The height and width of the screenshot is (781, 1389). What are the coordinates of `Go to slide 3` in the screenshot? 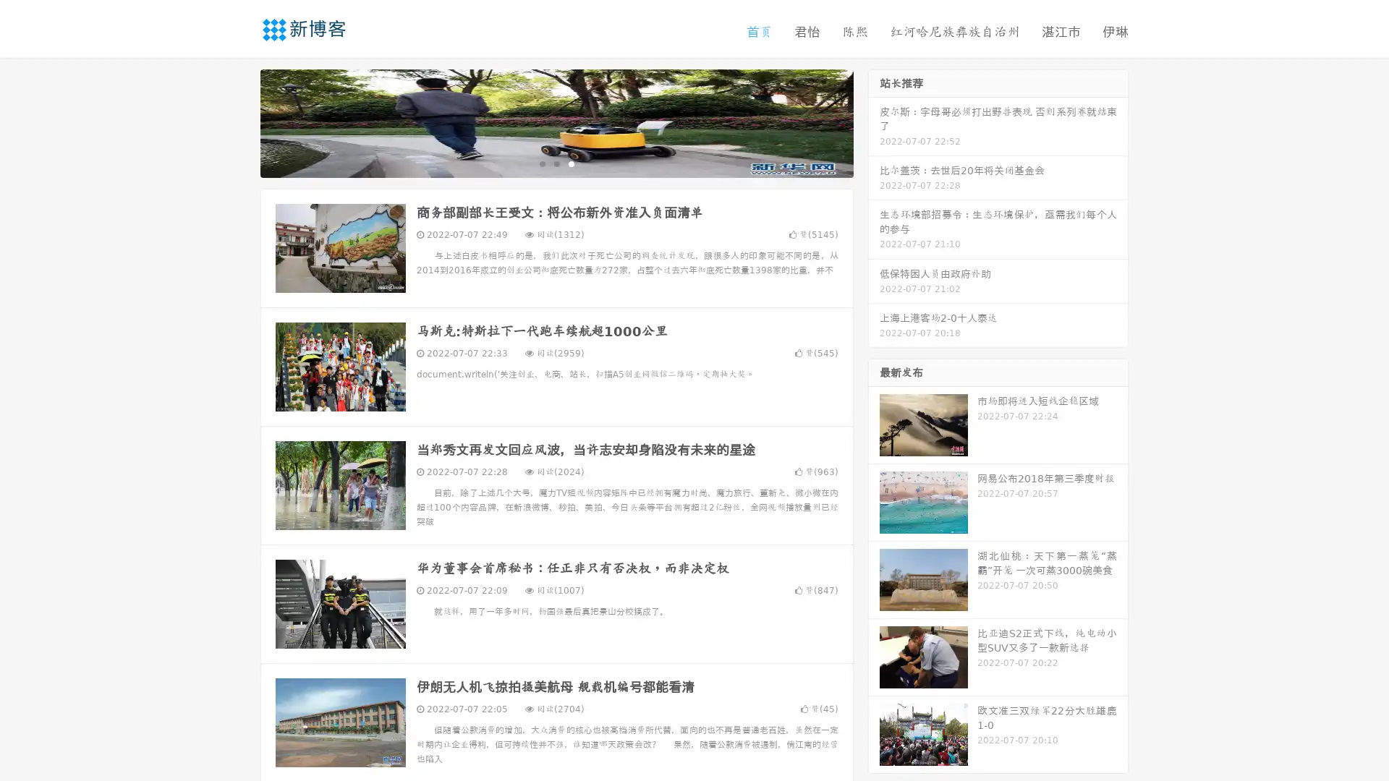 It's located at (571, 163).